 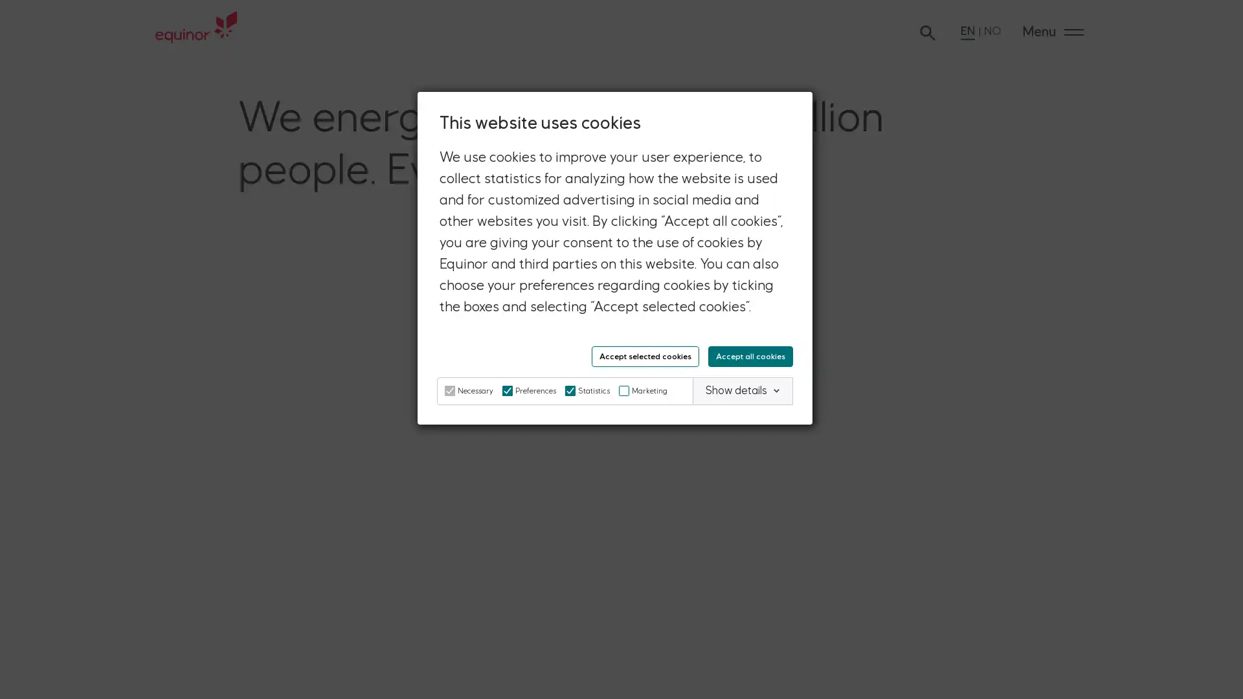 What do you see at coordinates (1053, 32) in the screenshot?
I see `Menu` at bounding box center [1053, 32].